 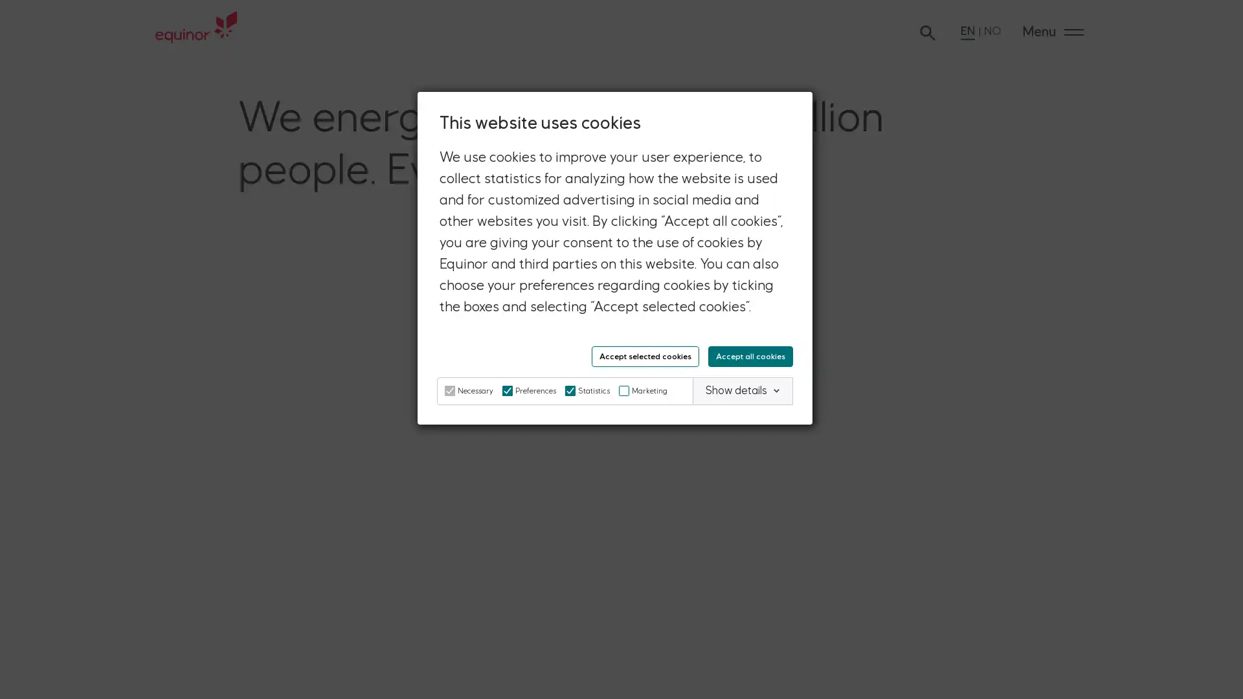 What do you see at coordinates (1053, 32) in the screenshot?
I see `Menu` at bounding box center [1053, 32].